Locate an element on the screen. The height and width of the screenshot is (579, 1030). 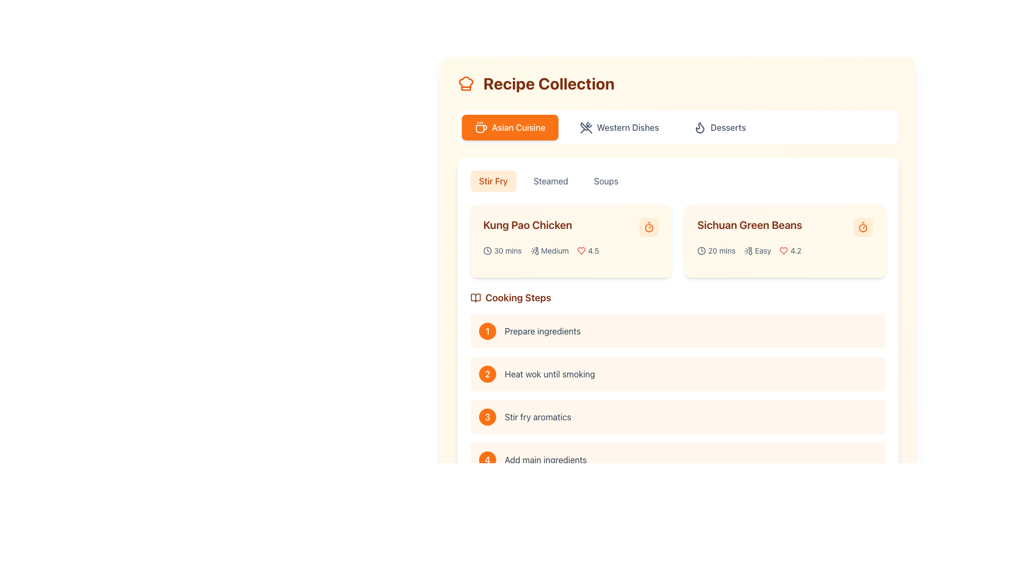
the Step indicator located in the Cooking Steps section, marking the first step in the sequence of cooking instructions, aligned to the left of the text 'Prepare ingredients' is located at coordinates (487, 330).